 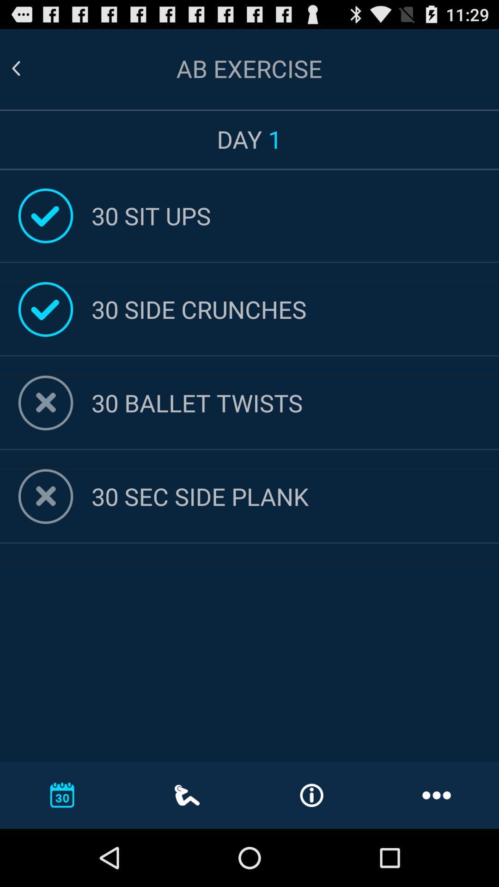 What do you see at coordinates (295, 215) in the screenshot?
I see `30 sit ups above 30 side crunches` at bounding box center [295, 215].